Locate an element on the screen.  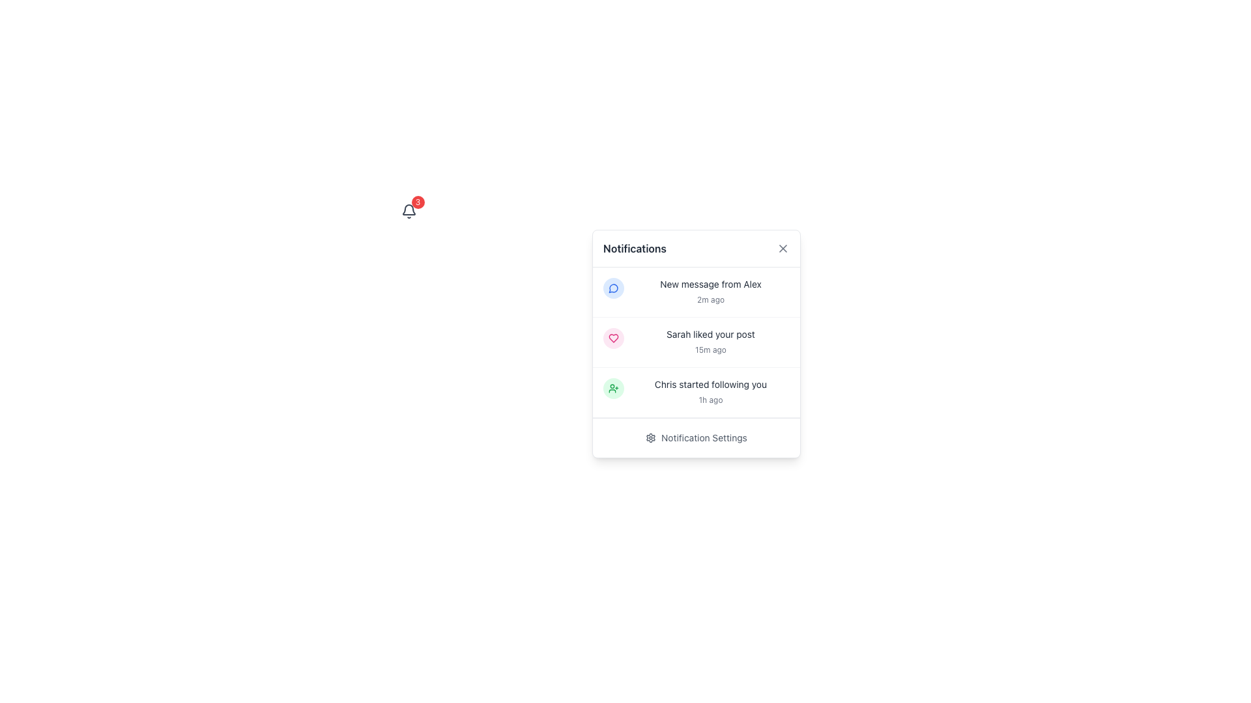
the circular chat bubble icon with a blue background located in the Notifications card, adjacent to the text 'New message from Alex, 2m ago.' is located at coordinates (612, 288).